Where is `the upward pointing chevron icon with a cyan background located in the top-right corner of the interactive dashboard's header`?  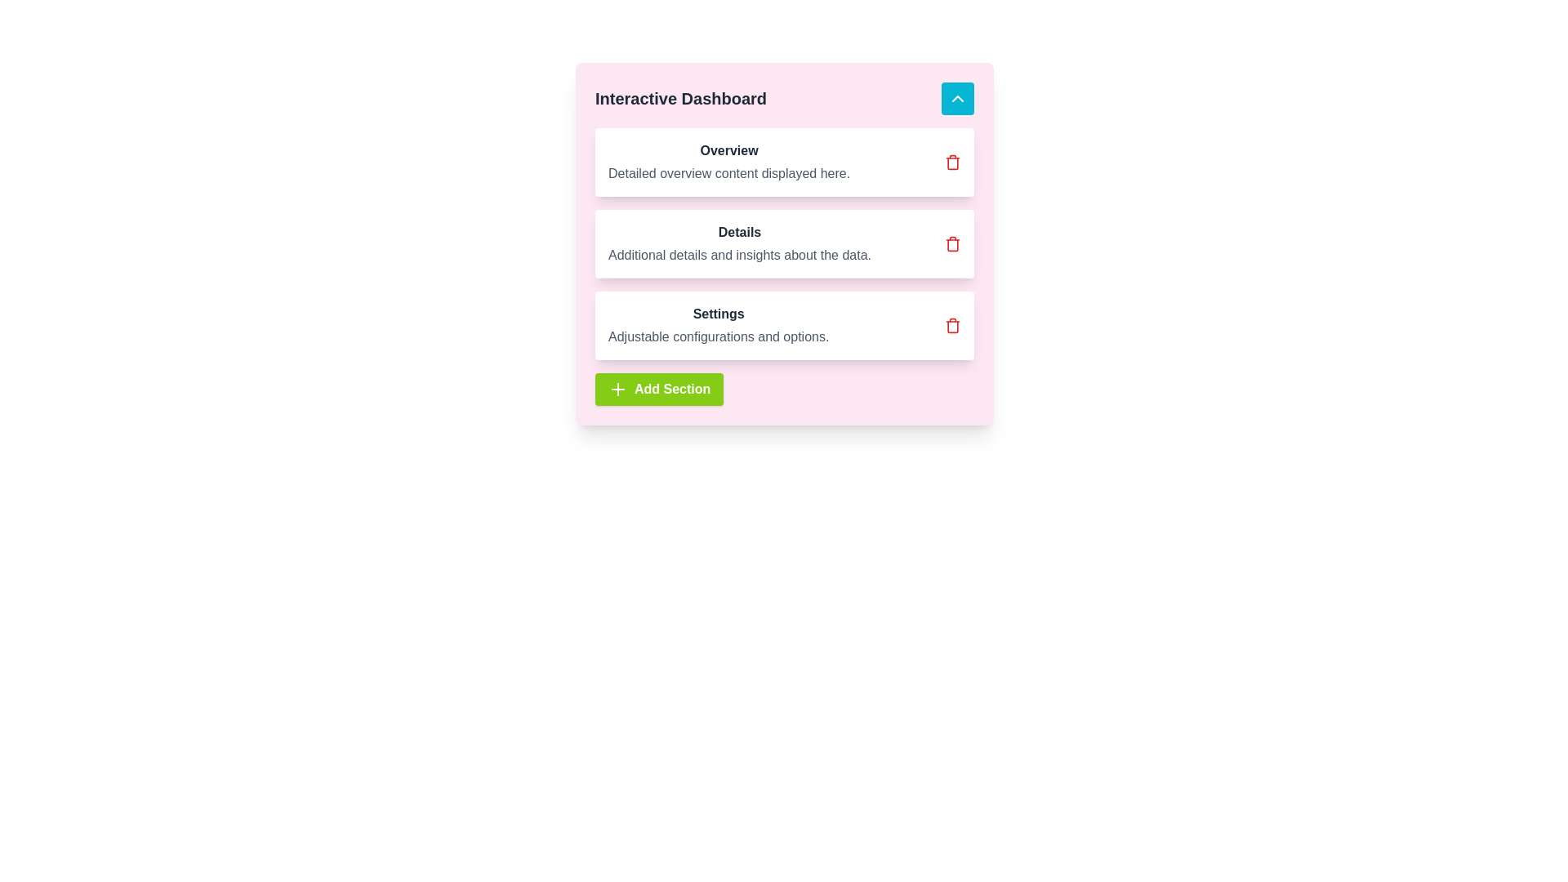
the upward pointing chevron icon with a cyan background located in the top-right corner of the interactive dashboard's header is located at coordinates (957, 98).